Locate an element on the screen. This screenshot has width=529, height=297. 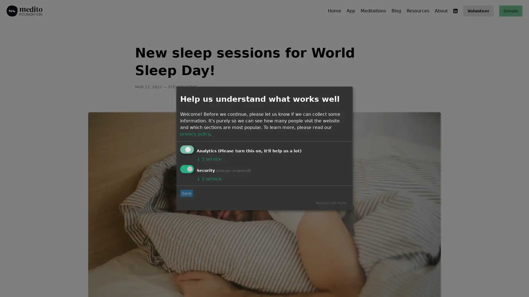
Donate is located at coordinates (510, 11).